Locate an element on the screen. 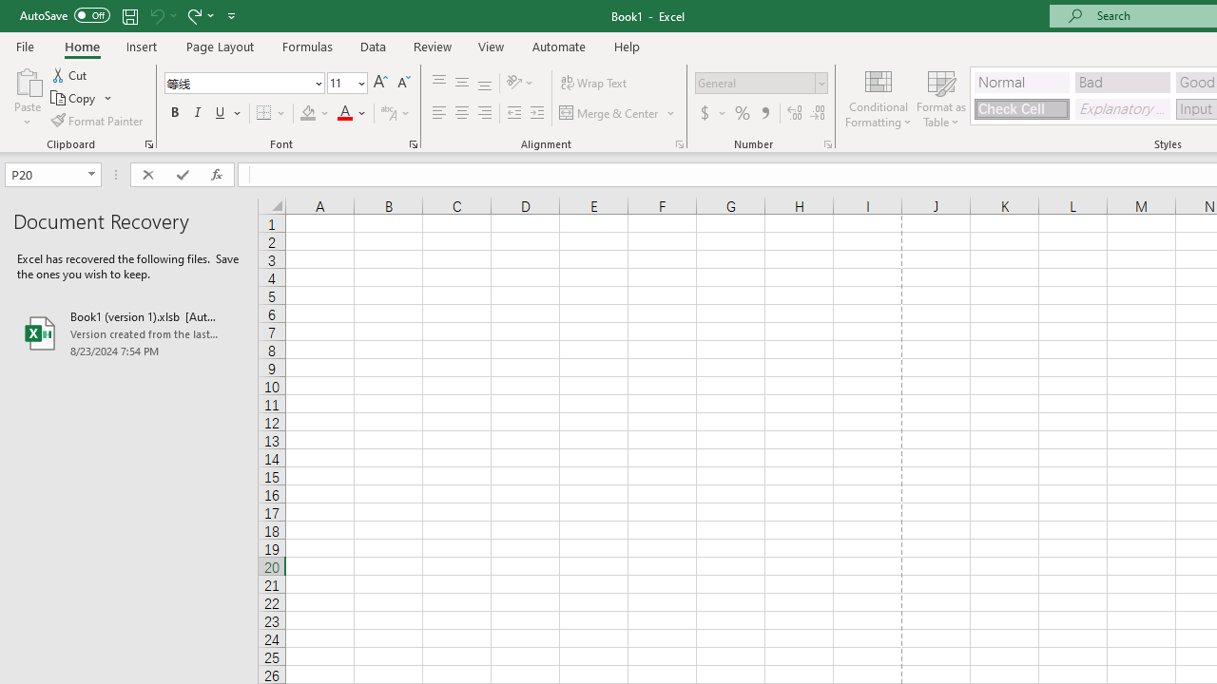 This screenshot has width=1217, height=684. 'Redo' is located at coordinates (193, 15).